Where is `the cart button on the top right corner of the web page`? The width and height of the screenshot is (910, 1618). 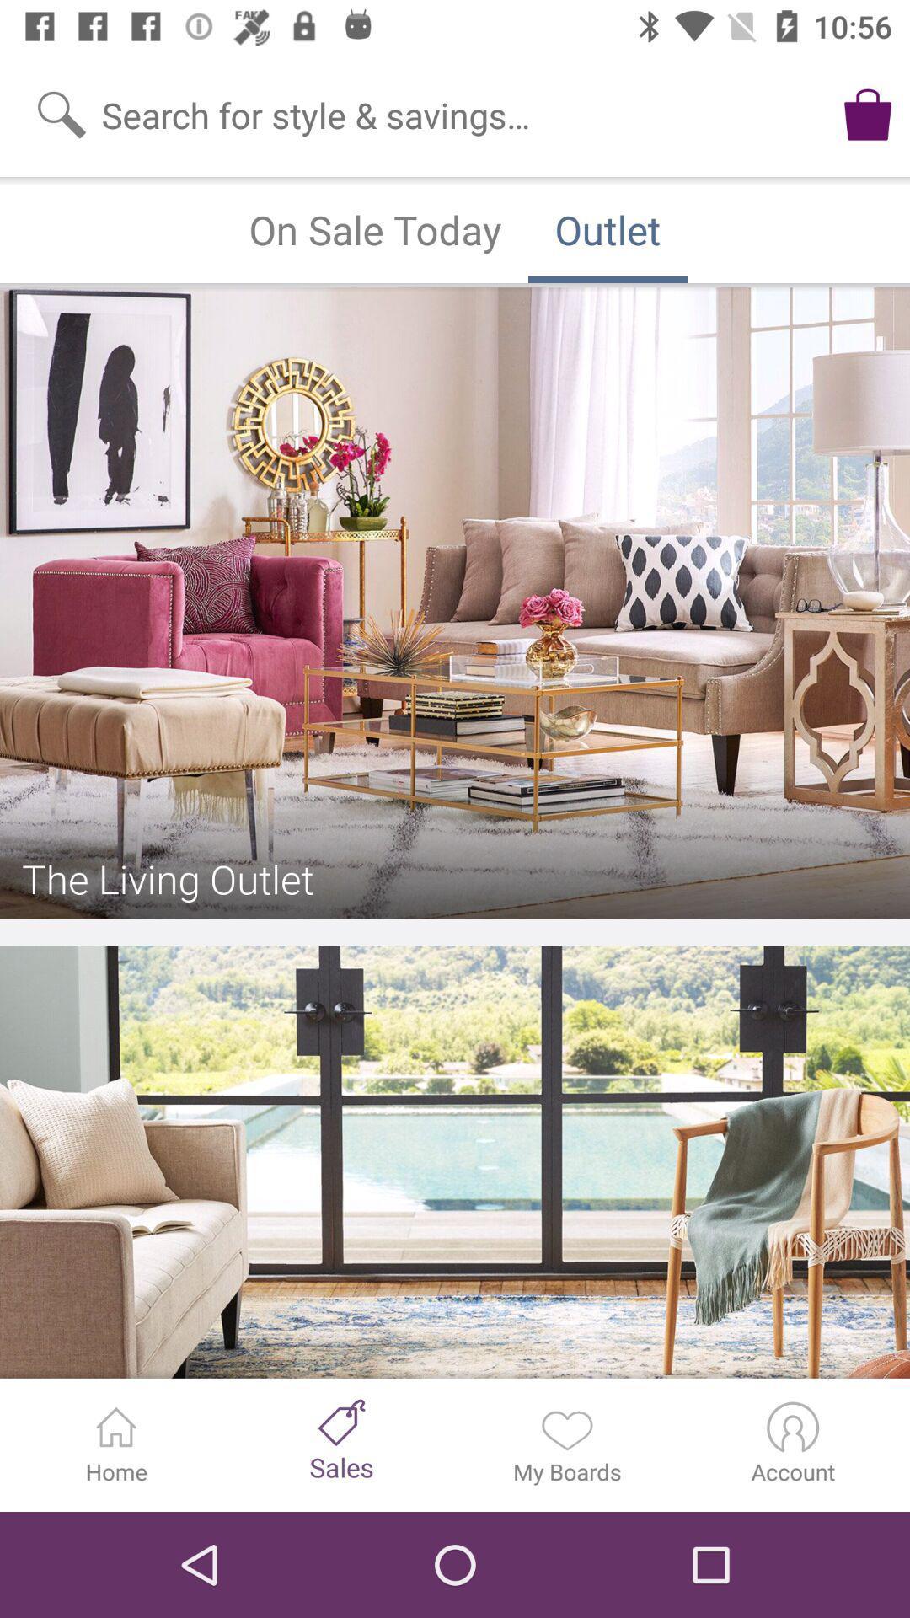
the cart button on the top right corner of the web page is located at coordinates (867, 113).